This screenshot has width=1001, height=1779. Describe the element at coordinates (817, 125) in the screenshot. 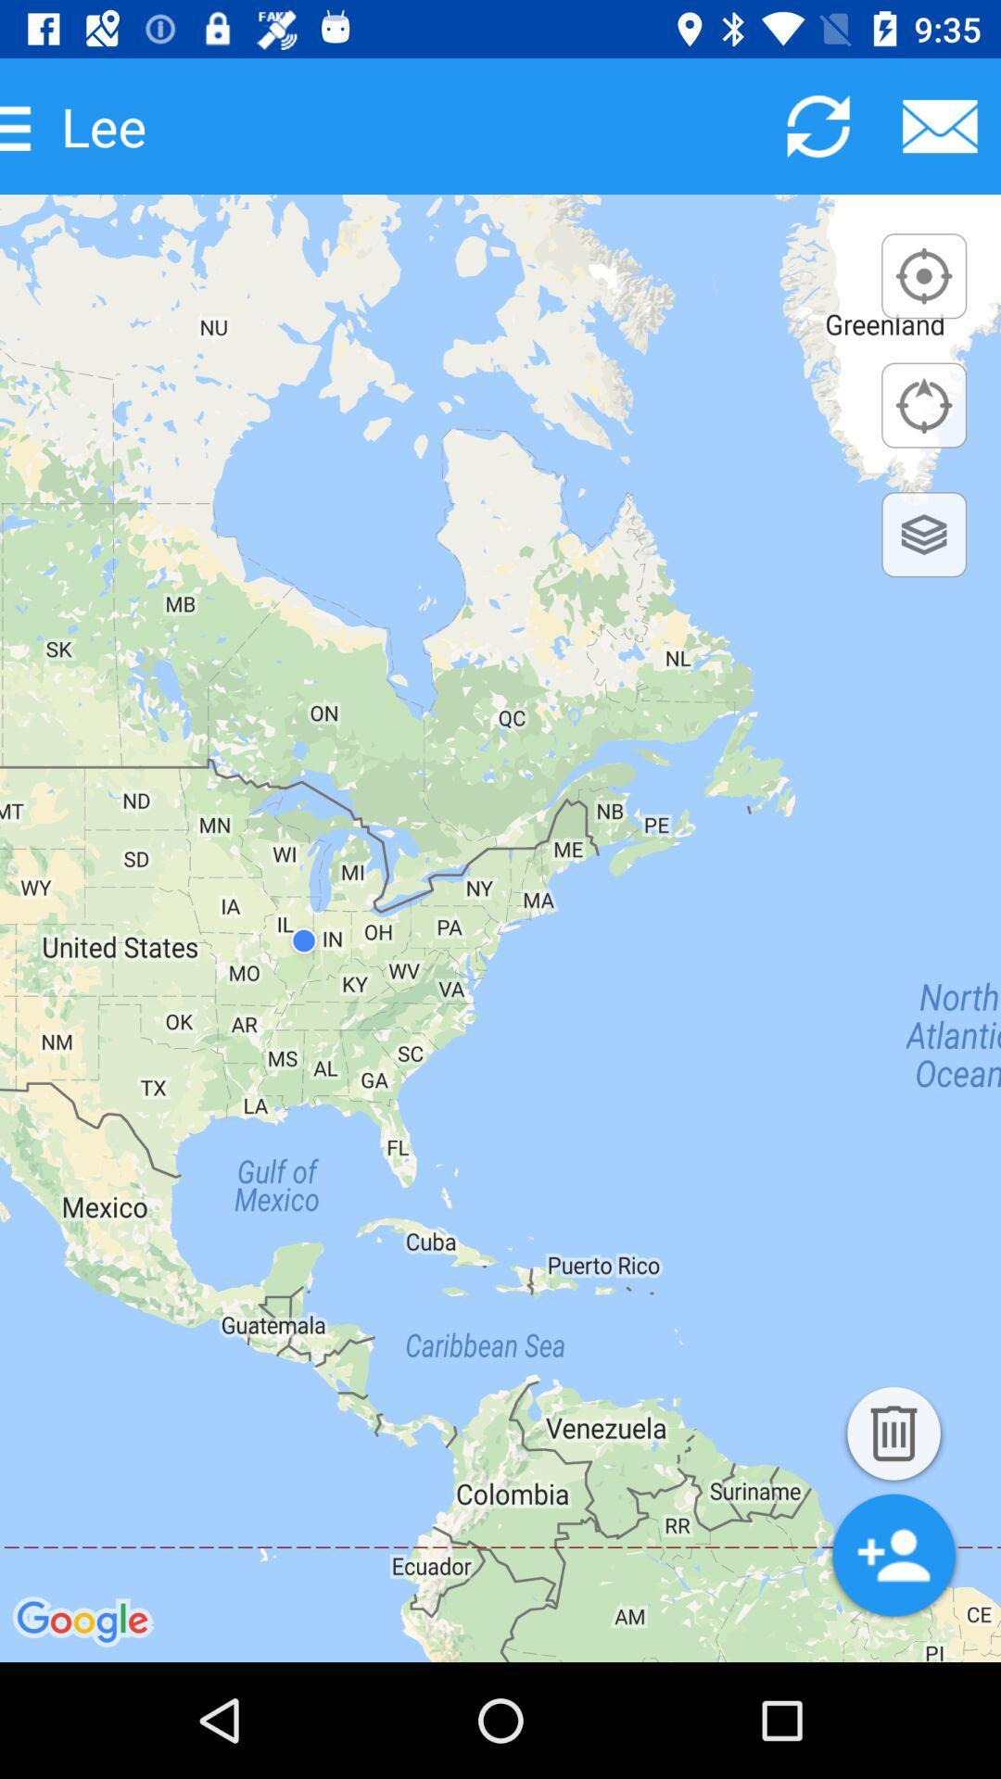

I see `map` at that location.